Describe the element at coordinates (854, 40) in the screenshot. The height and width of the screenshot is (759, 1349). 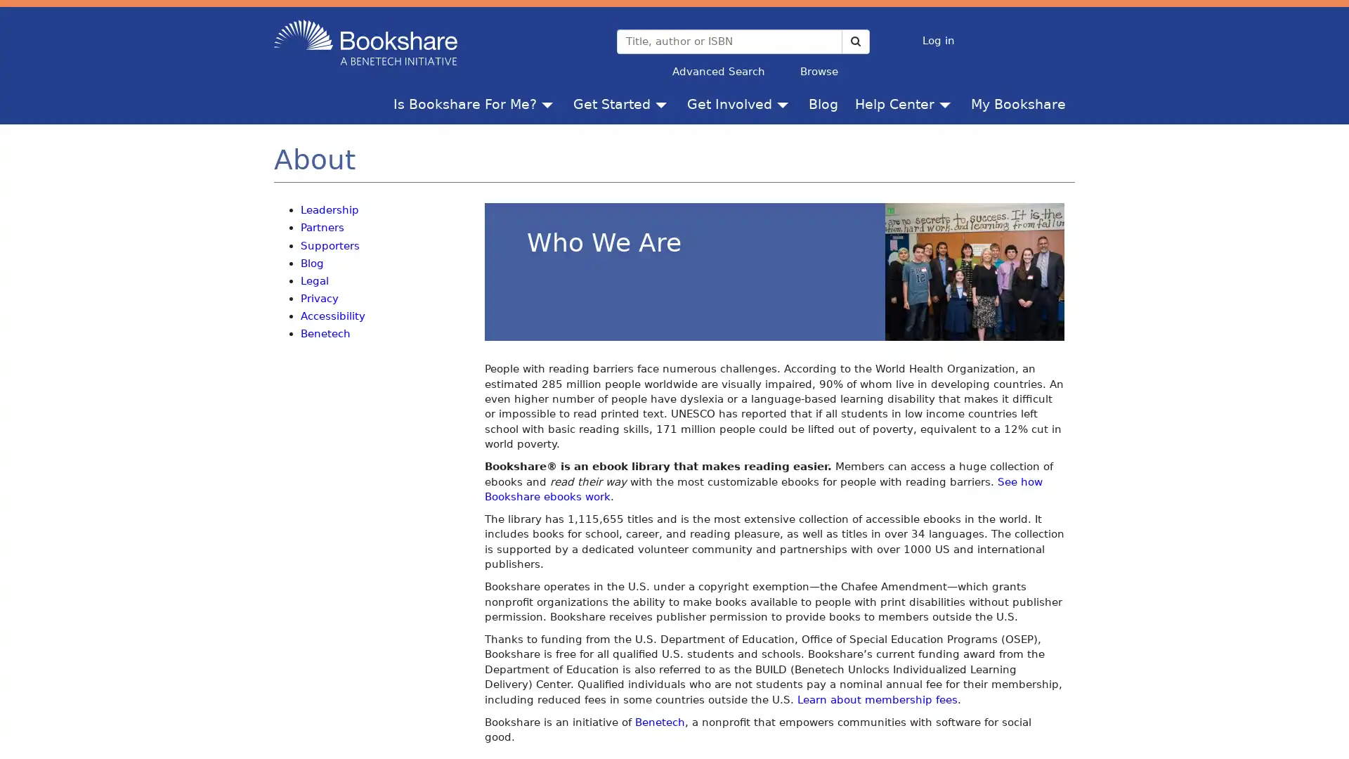
I see `Search` at that location.